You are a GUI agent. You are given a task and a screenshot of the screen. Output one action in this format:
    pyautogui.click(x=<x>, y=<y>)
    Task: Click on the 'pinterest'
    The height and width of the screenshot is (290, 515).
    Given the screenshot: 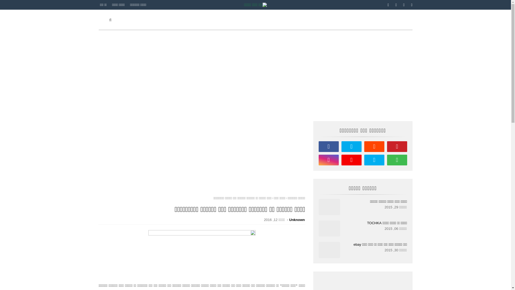 What is the action you would take?
    pyautogui.click(x=409, y=5)
    